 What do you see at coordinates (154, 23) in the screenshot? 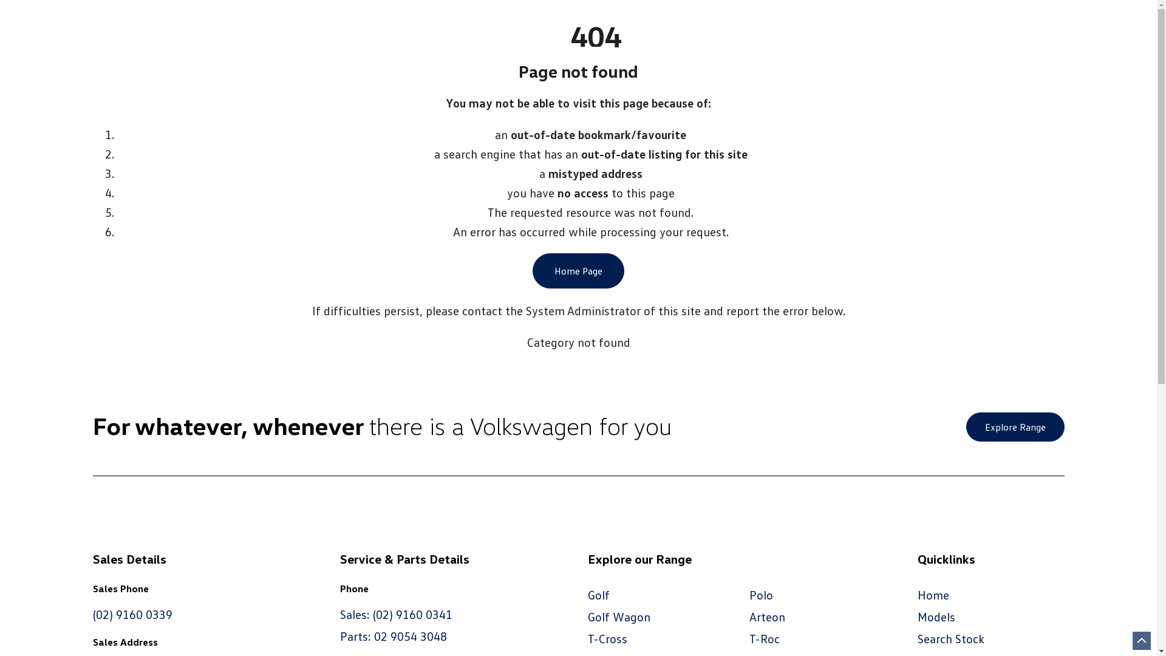
I see `'Sales: (02) 9160 0339'` at bounding box center [154, 23].